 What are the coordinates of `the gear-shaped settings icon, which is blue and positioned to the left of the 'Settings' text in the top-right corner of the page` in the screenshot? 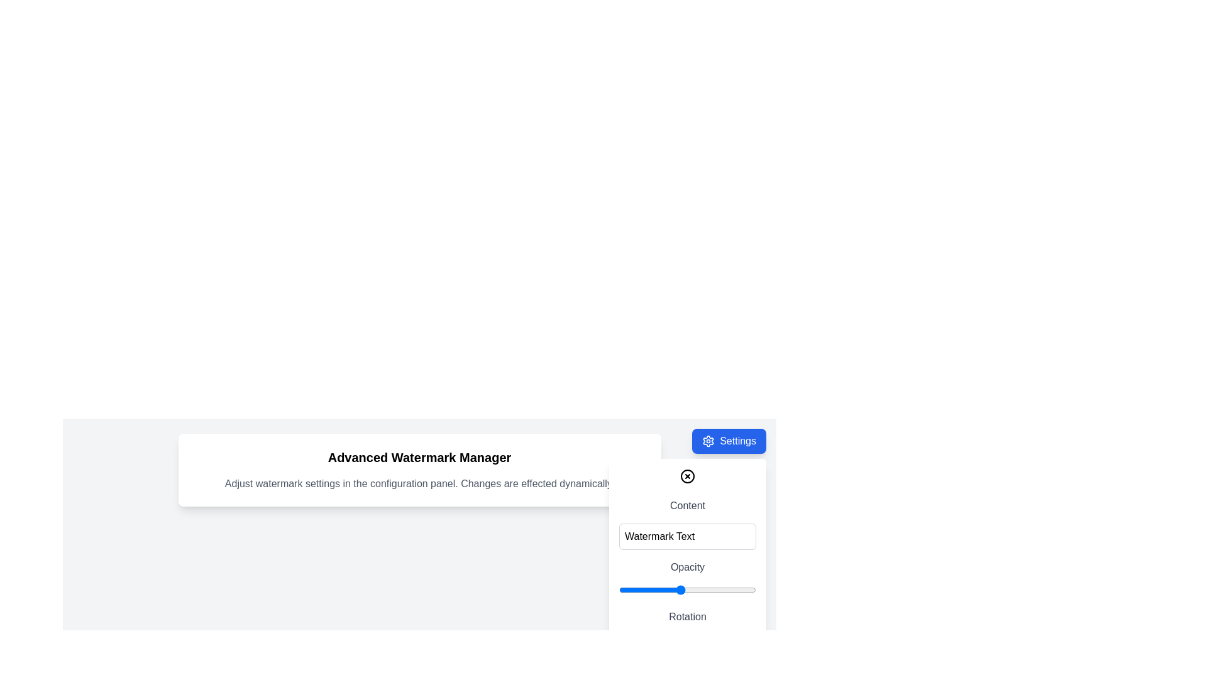 It's located at (708, 440).